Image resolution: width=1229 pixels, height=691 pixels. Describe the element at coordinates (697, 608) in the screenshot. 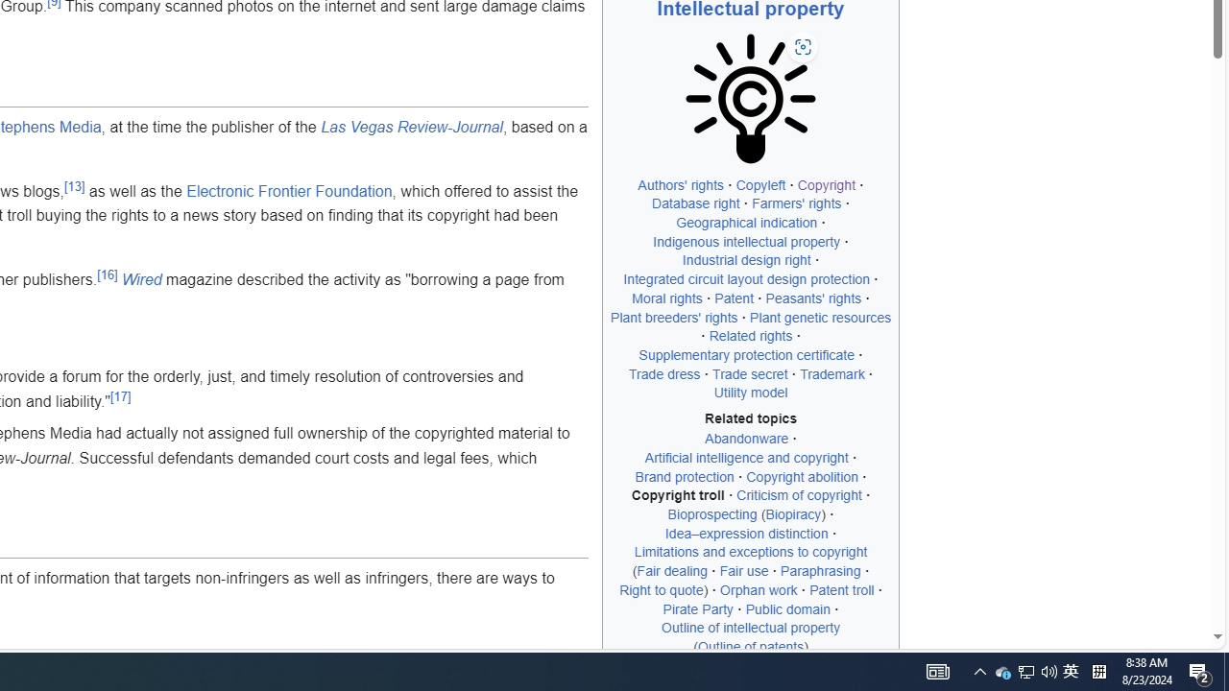

I see `'Pirate Party'` at that location.